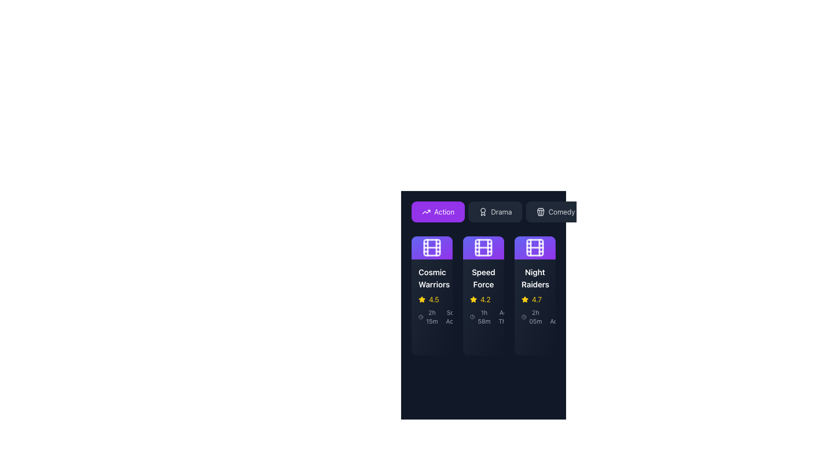 This screenshot has width=838, height=471. Describe the element at coordinates (432, 317) in the screenshot. I see `the static text label indicating the duration of the movie, located in the first card of a horizontal list, positioned under the star rating and title` at that location.